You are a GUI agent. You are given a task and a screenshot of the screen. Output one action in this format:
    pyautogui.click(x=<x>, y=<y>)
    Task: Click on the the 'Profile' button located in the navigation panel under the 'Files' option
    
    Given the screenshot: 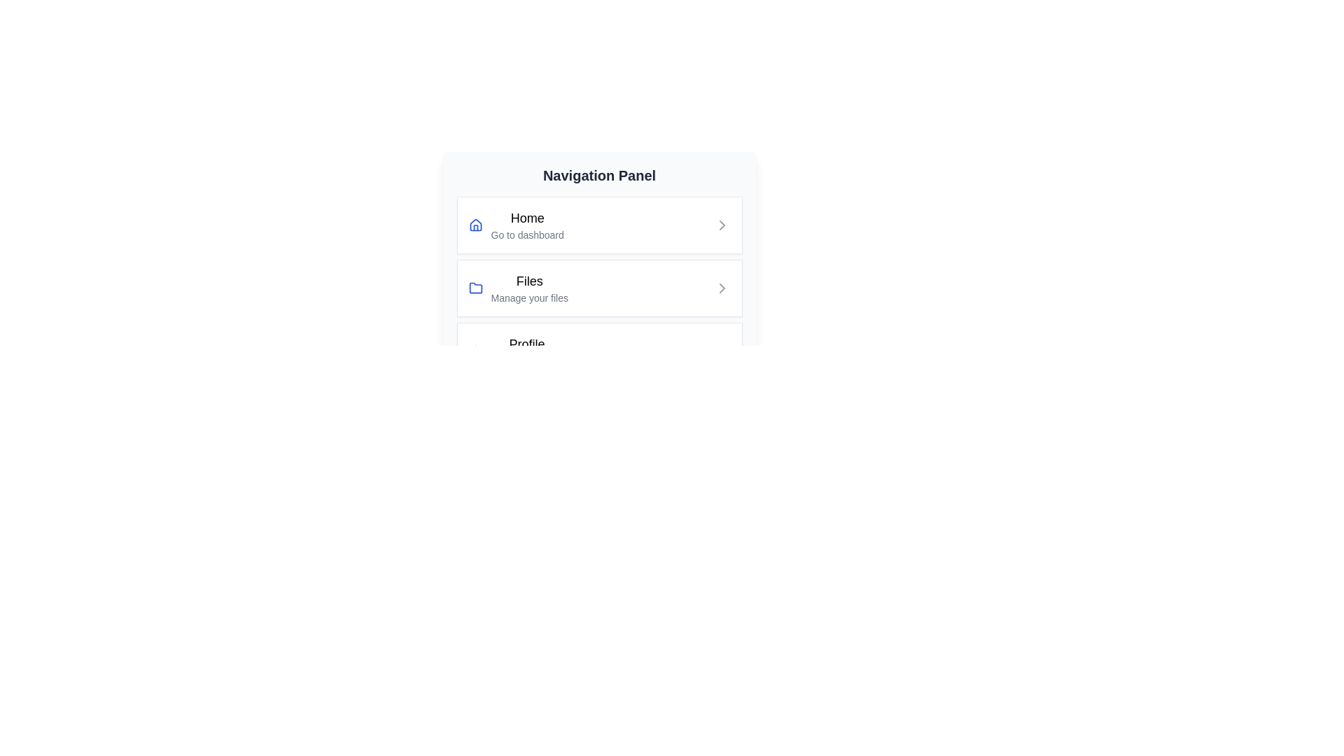 What is the action you would take?
    pyautogui.click(x=526, y=350)
    